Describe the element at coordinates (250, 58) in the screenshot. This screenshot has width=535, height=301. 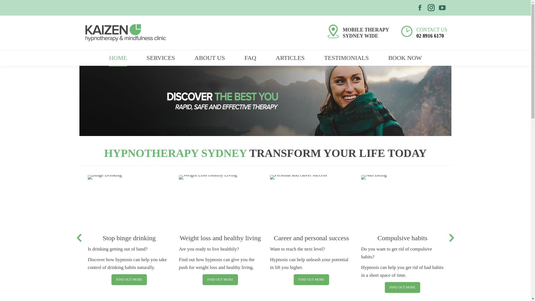
I see `'FAQ'` at that location.